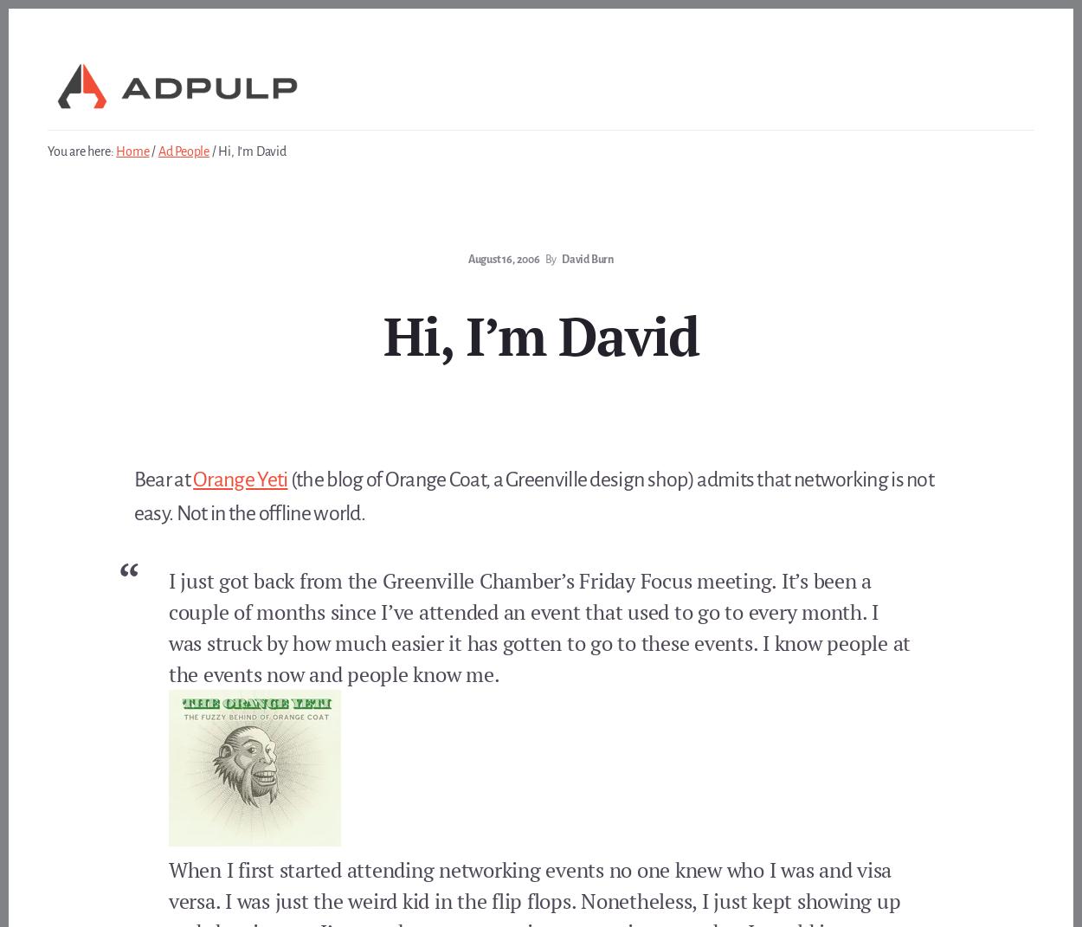  What do you see at coordinates (132, 151) in the screenshot?
I see `'Home'` at bounding box center [132, 151].